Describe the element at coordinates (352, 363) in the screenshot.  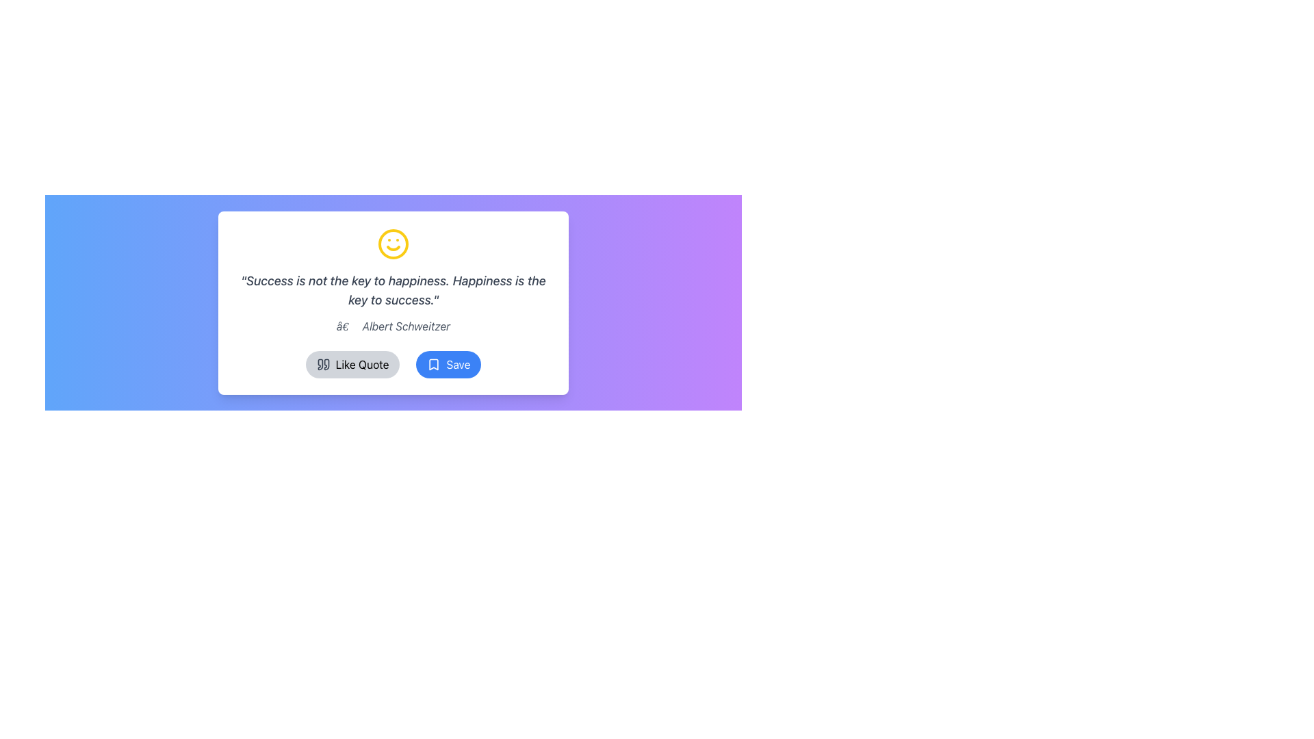
I see `the first button in the group of three buttons that allows users to express their interest or approval of a quote, located slightly to the left of the 'Save' button` at that location.